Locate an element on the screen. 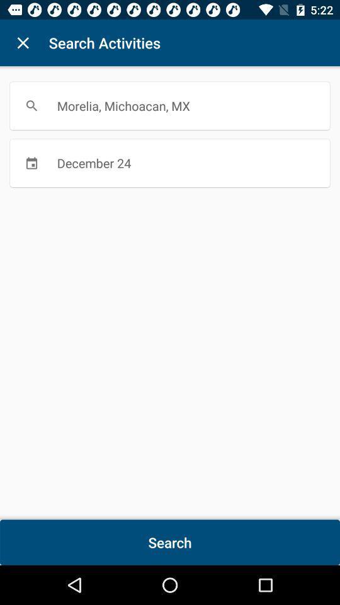  item to the left of the search activities item is located at coordinates (23, 43).